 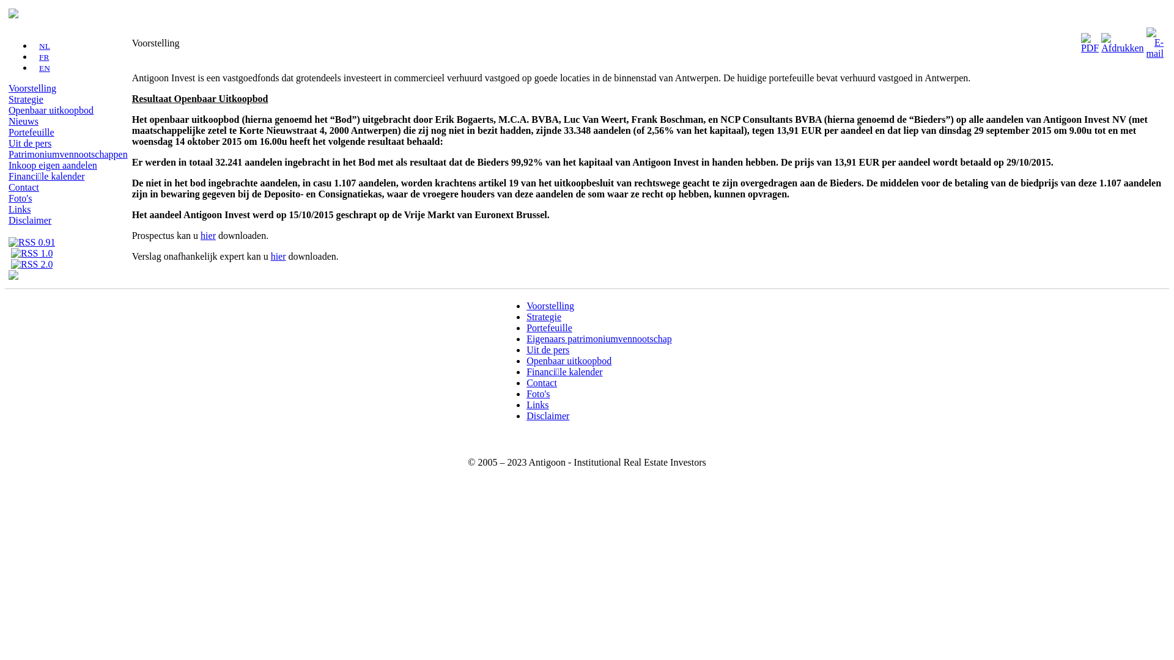 What do you see at coordinates (9, 121) in the screenshot?
I see `'Nieuws'` at bounding box center [9, 121].